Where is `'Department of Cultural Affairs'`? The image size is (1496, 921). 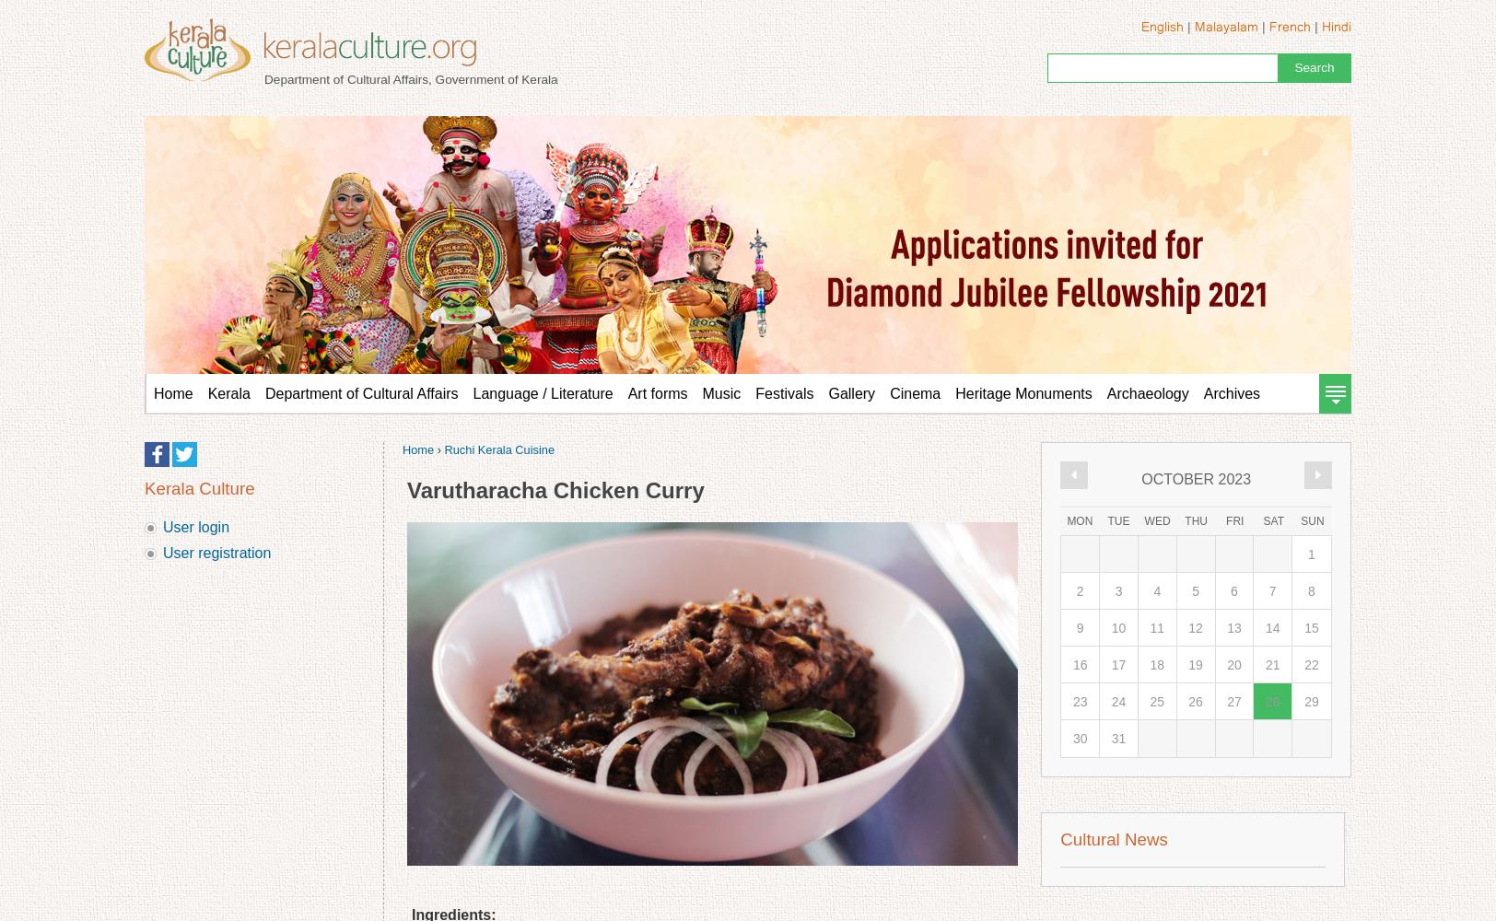
'Department of Cultural Affairs' is located at coordinates (263, 393).